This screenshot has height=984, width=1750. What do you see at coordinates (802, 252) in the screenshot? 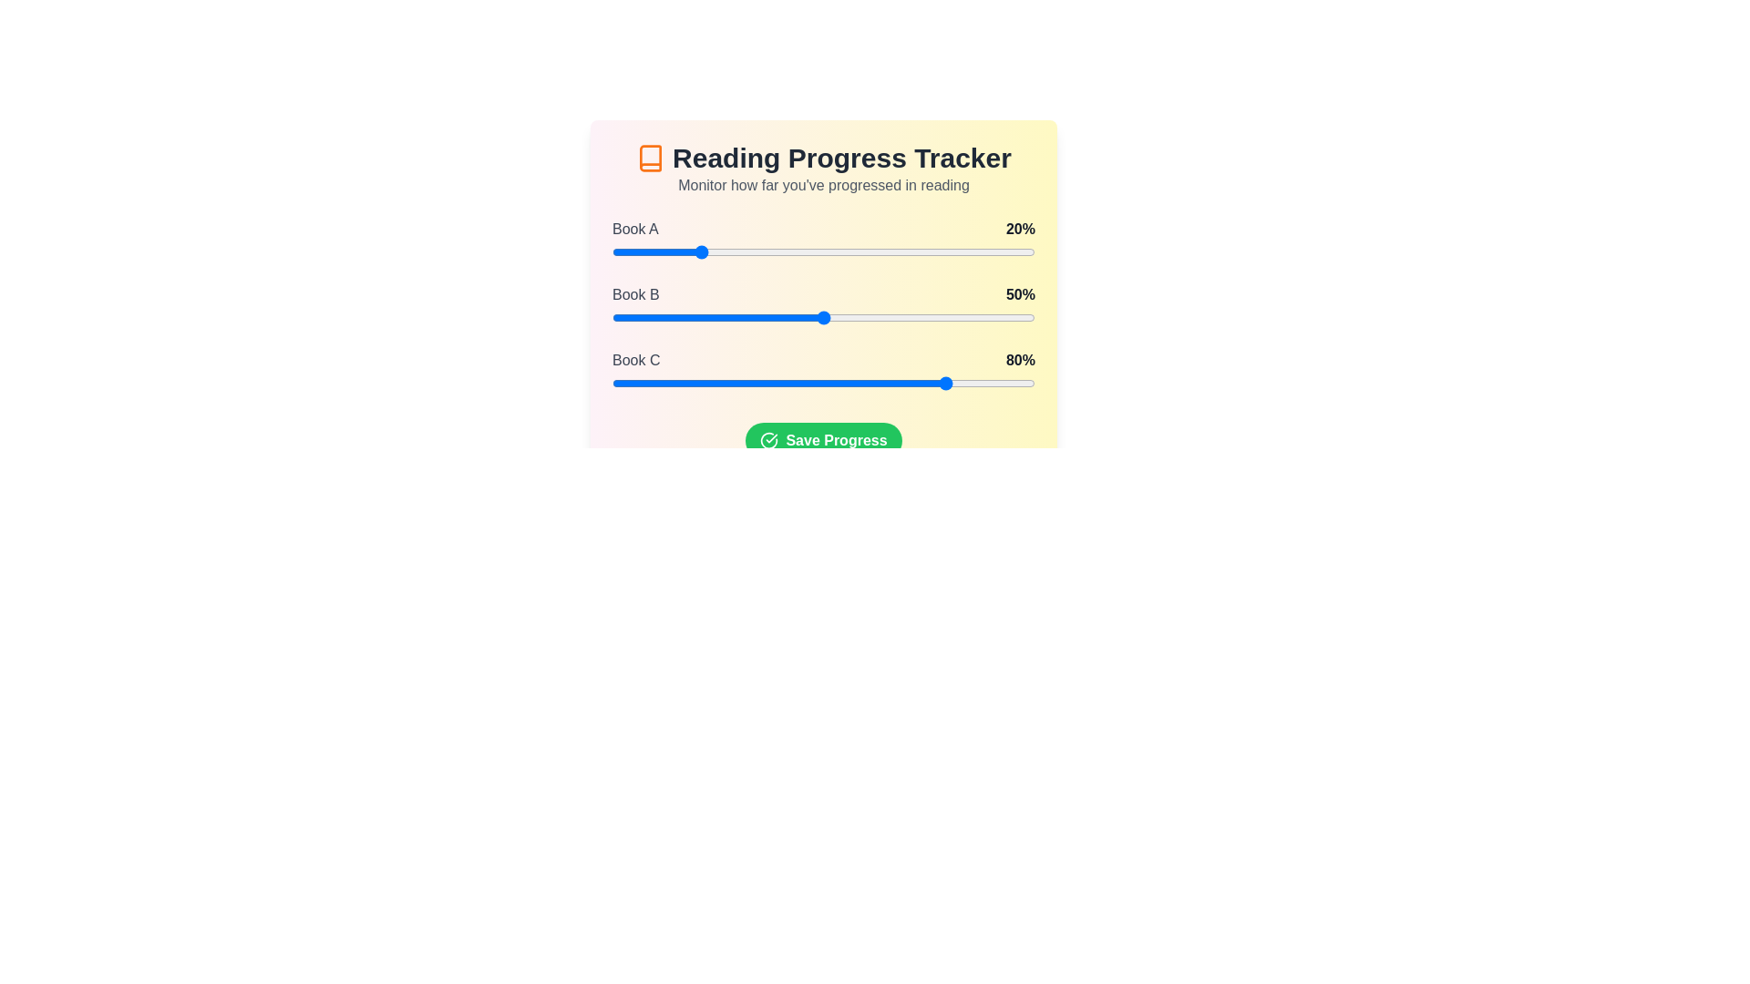
I see `the slider for a book to set its progress to 45%` at bounding box center [802, 252].